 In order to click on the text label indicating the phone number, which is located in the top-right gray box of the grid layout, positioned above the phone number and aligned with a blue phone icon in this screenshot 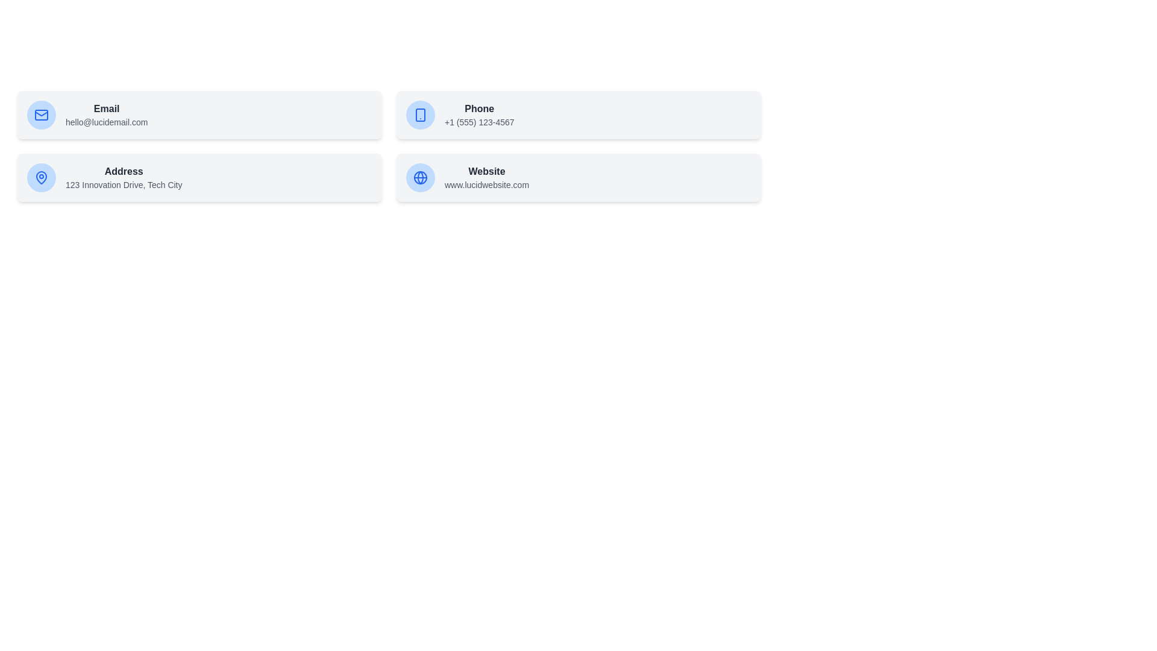, I will do `click(478, 109)`.